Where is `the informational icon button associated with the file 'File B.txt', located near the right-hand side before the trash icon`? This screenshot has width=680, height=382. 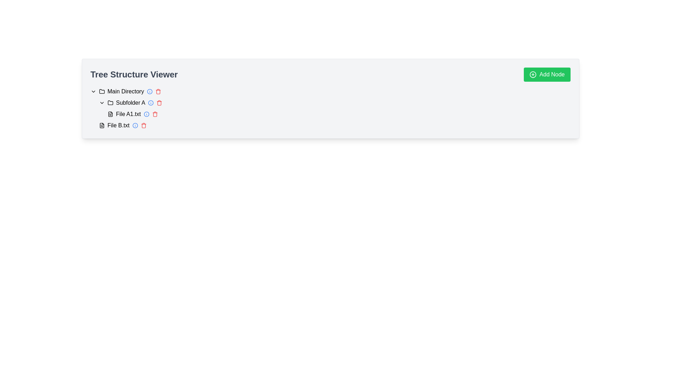
the informational icon button associated with the file 'File B.txt', located near the right-hand side before the trash icon is located at coordinates (135, 125).